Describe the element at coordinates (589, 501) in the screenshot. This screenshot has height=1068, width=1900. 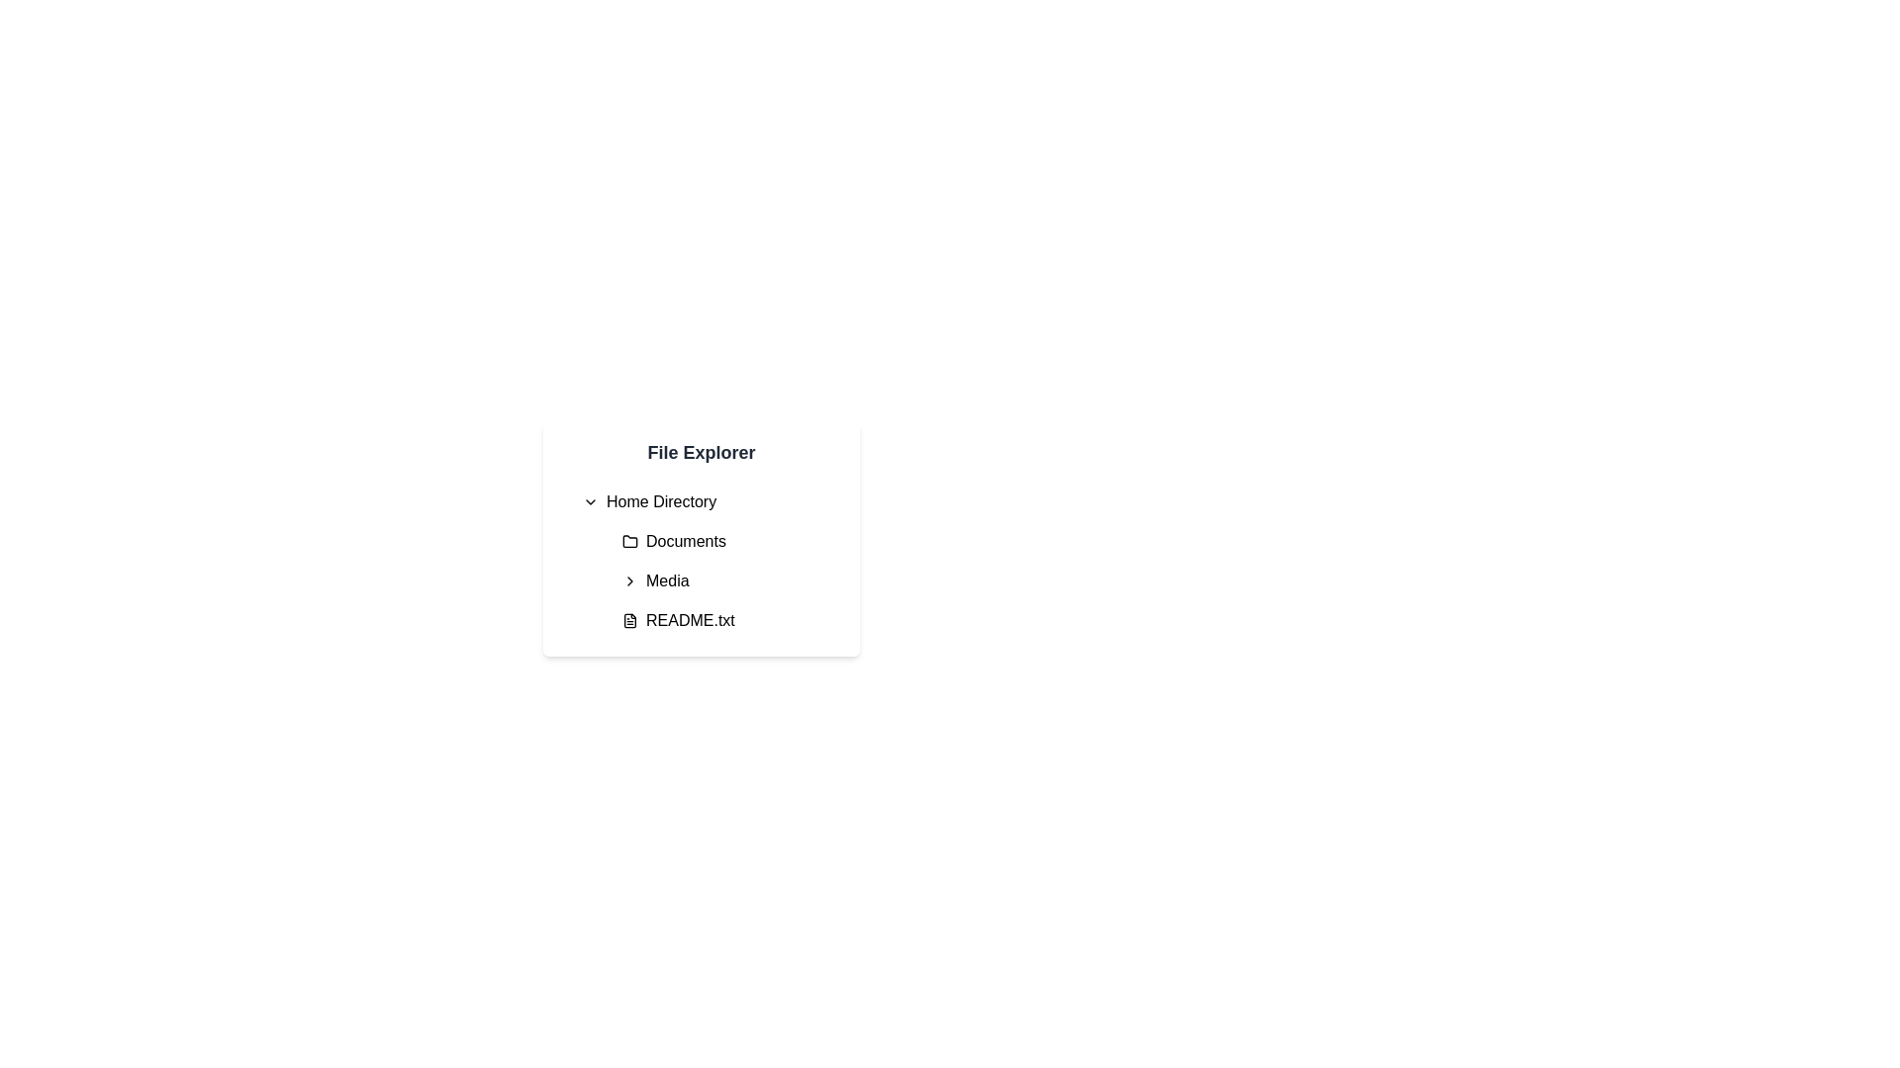
I see `the downward-pointing chevron icon located to the left of the 'Home Directory' text label` at that location.